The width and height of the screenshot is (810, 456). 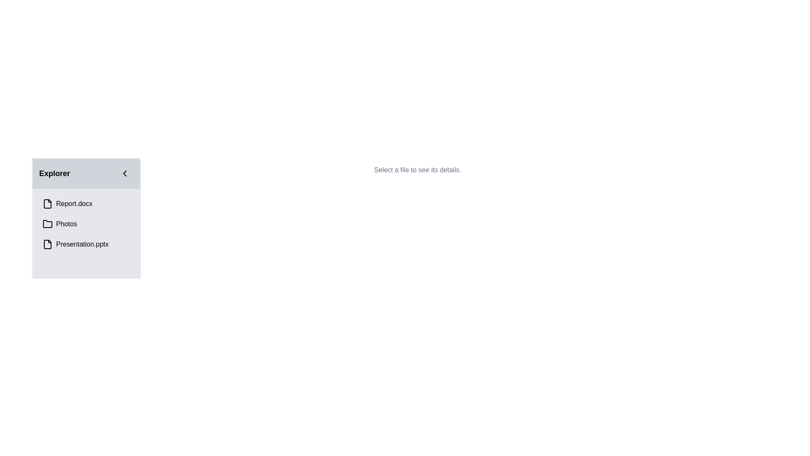 I want to click on the presentation file icon located at the third position in the list of items within the 'Explorer' section of the interface, so click(x=47, y=244).